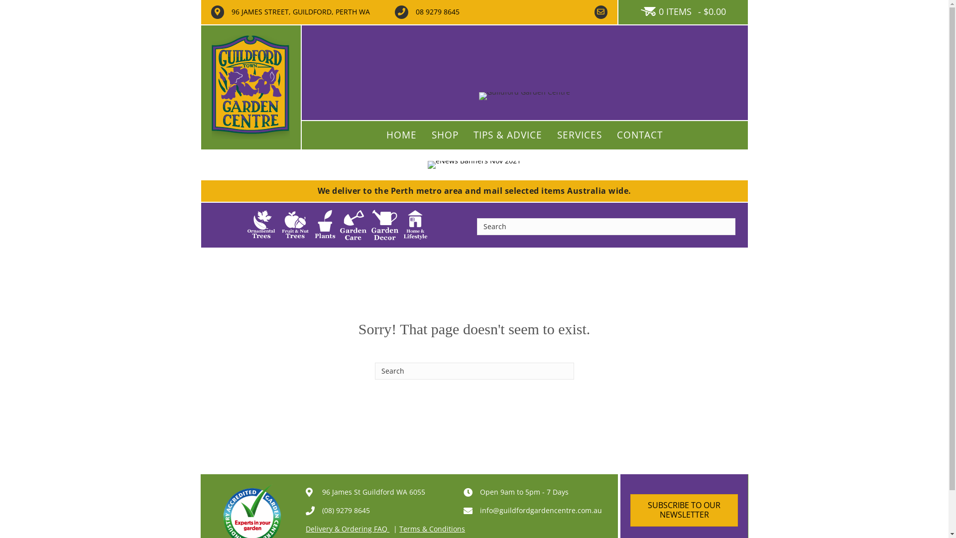 The height and width of the screenshot is (538, 956). Describe the element at coordinates (683, 12) in the screenshot. I see `'0 ITEMS$0.00'` at that location.